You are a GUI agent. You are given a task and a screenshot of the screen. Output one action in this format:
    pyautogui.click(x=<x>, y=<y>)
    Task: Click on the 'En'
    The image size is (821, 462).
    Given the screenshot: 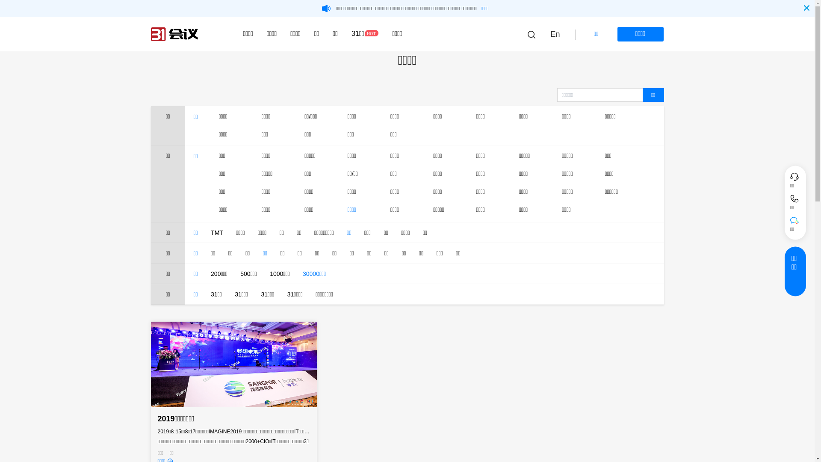 What is the action you would take?
    pyautogui.click(x=555, y=34)
    